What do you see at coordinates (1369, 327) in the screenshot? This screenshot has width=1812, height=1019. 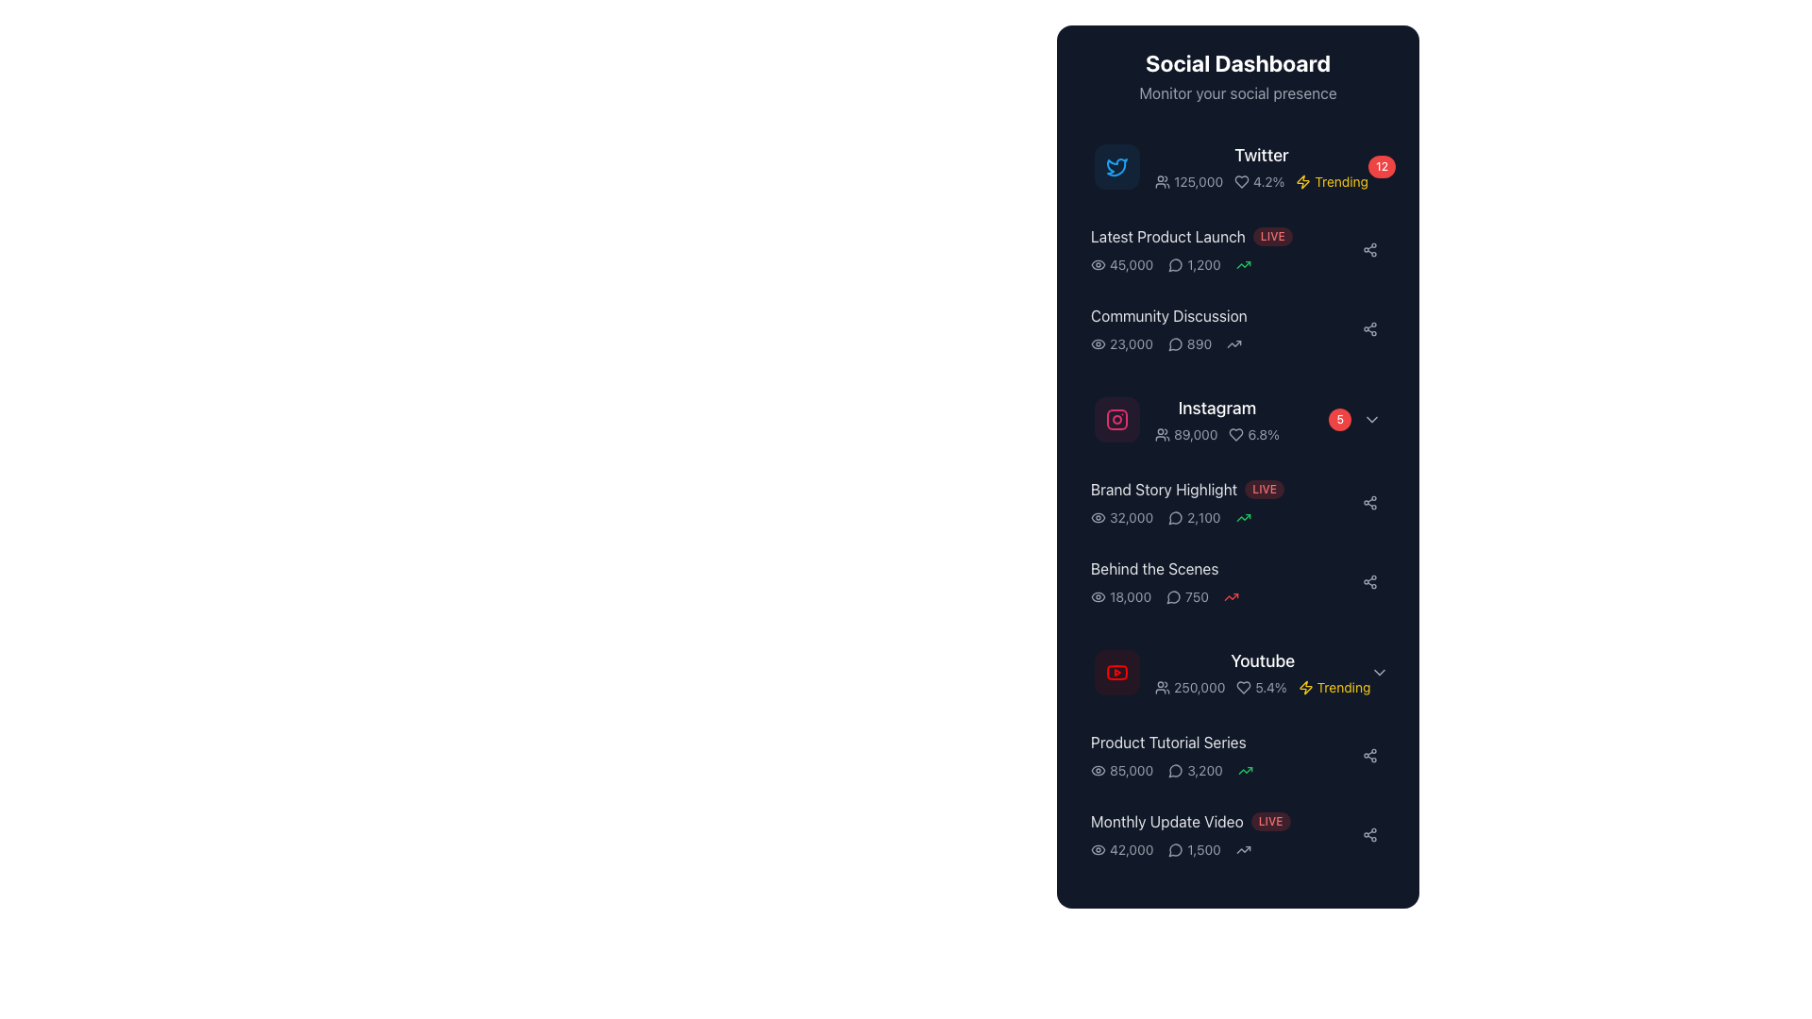 I see `the share/network icon located at the right end of the 'Community Discussion' row` at bounding box center [1369, 327].